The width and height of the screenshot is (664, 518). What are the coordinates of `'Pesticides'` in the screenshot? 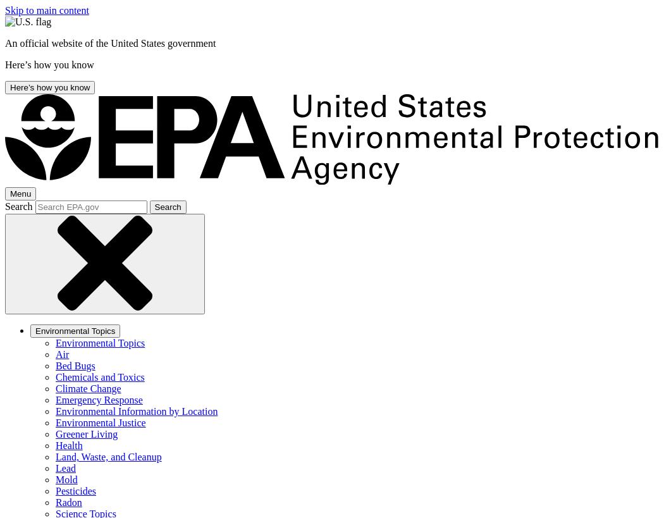 It's located at (75, 491).